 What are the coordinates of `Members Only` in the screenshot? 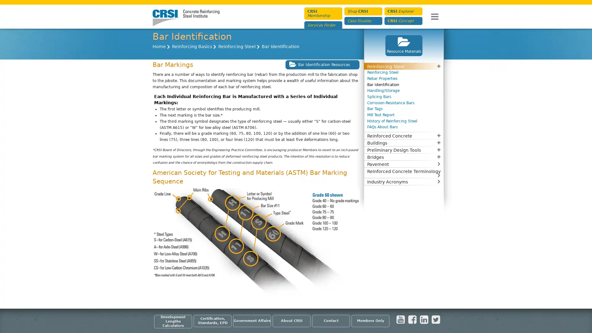 It's located at (370, 320).